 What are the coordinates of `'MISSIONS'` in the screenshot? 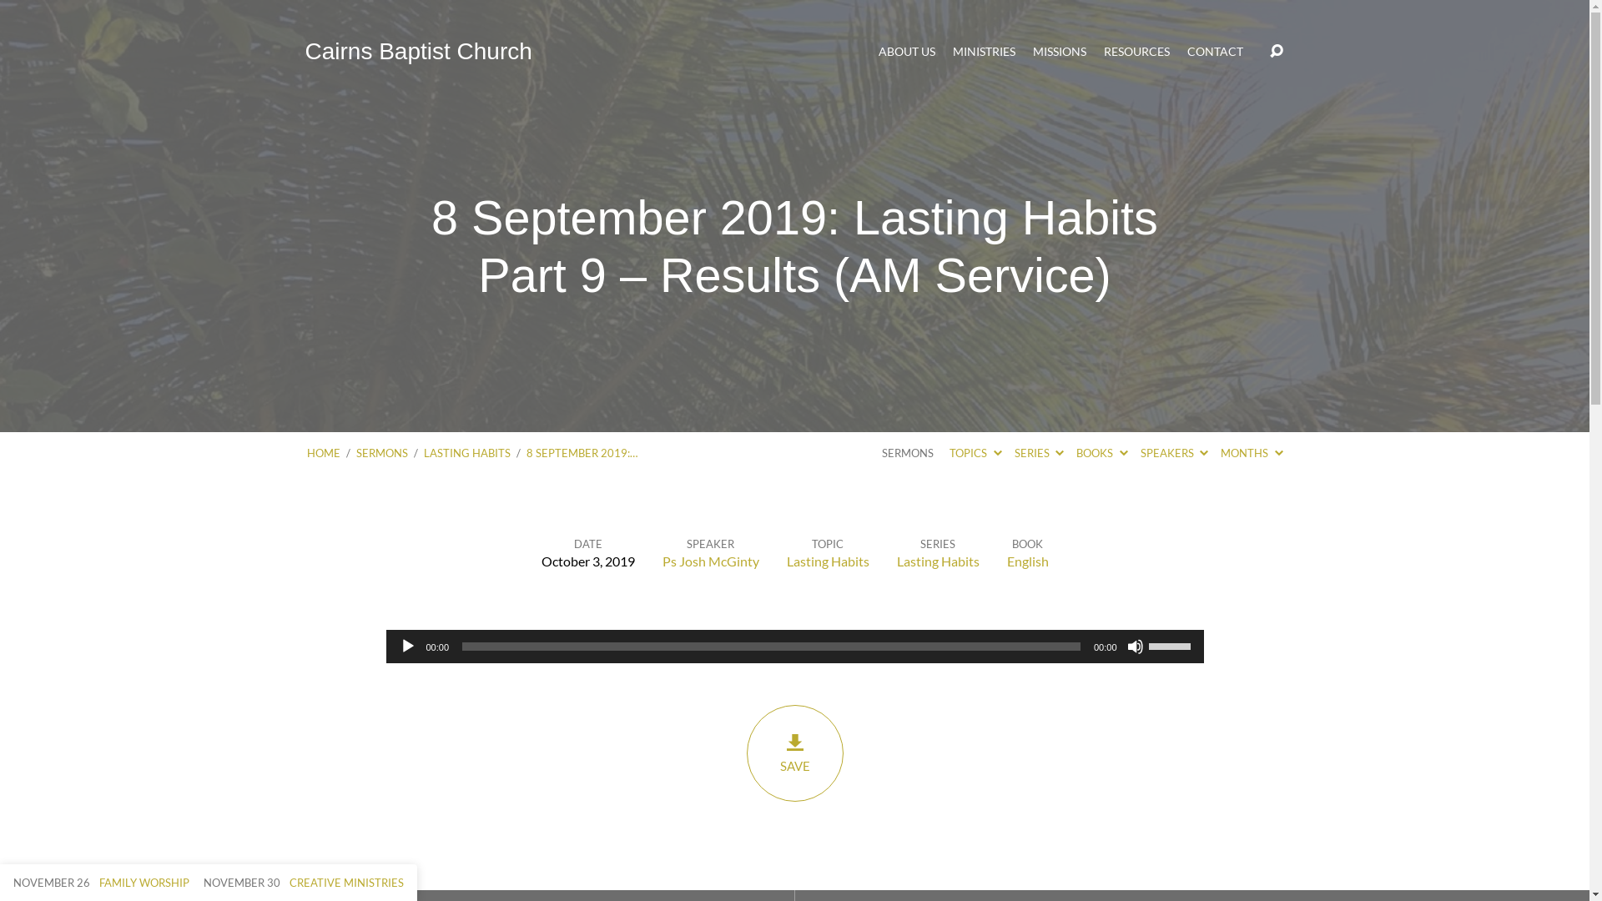 It's located at (1059, 50).